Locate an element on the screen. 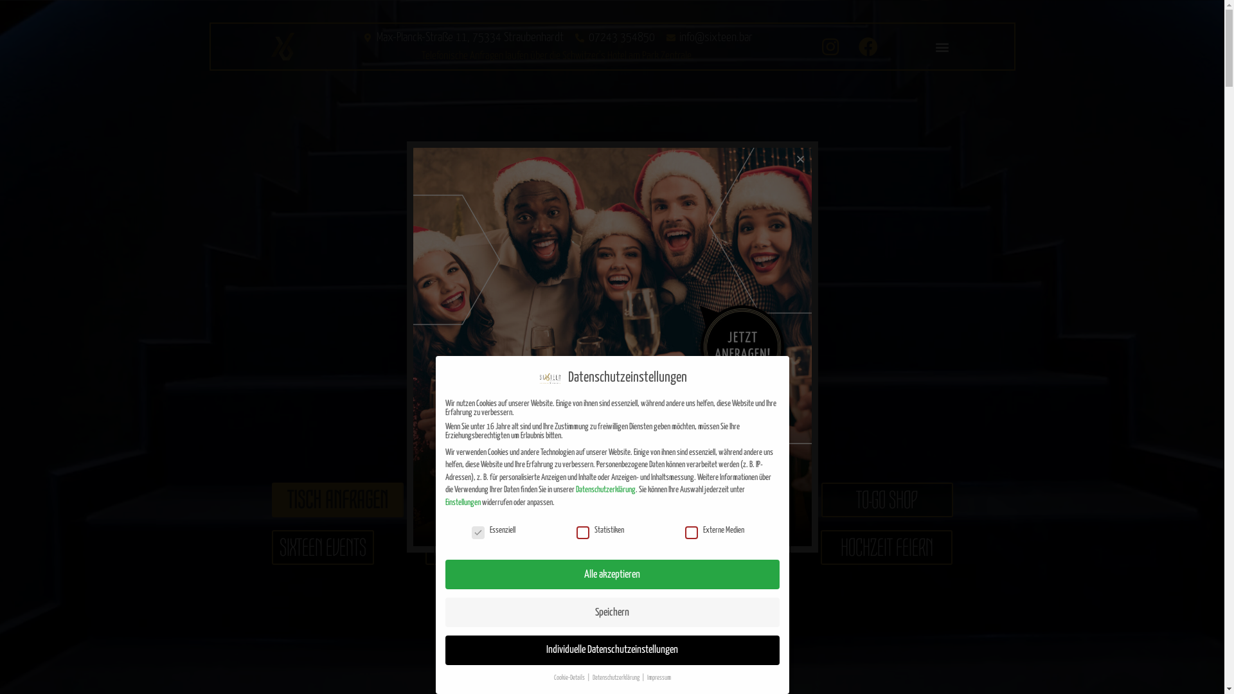 The height and width of the screenshot is (694, 1234). 'Alle akzeptieren' is located at coordinates (611, 574).